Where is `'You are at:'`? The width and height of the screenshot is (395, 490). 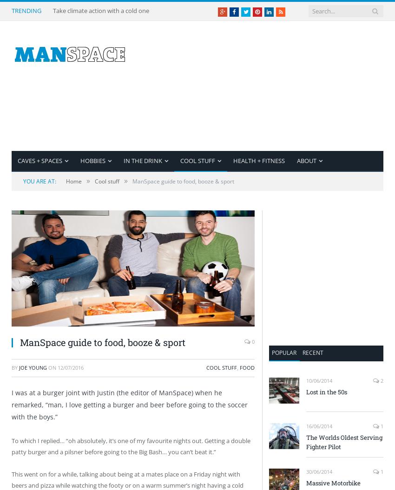
'You are at:' is located at coordinates (39, 181).